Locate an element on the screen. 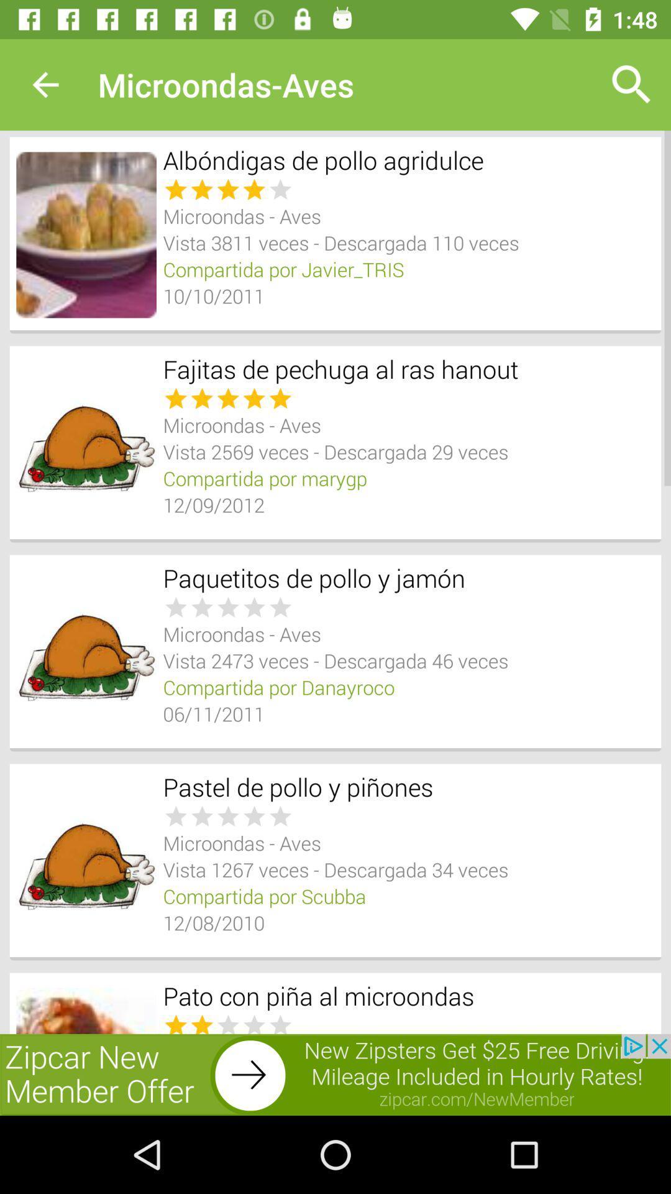 The image size is (671, 1194). advertisement banner is located at coordinates (335, 1074).